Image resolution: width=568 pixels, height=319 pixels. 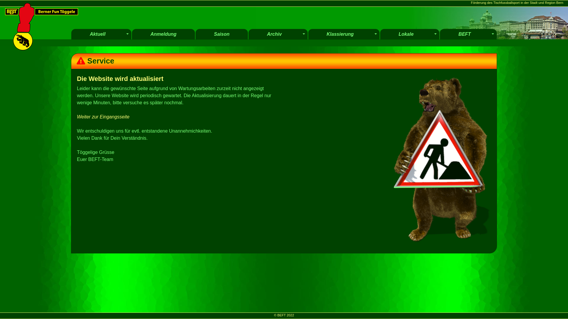 What do you see at coordinates (98, 34) in the screenshot?
I see `'Aktuell'` at bounding box center [98, 34].